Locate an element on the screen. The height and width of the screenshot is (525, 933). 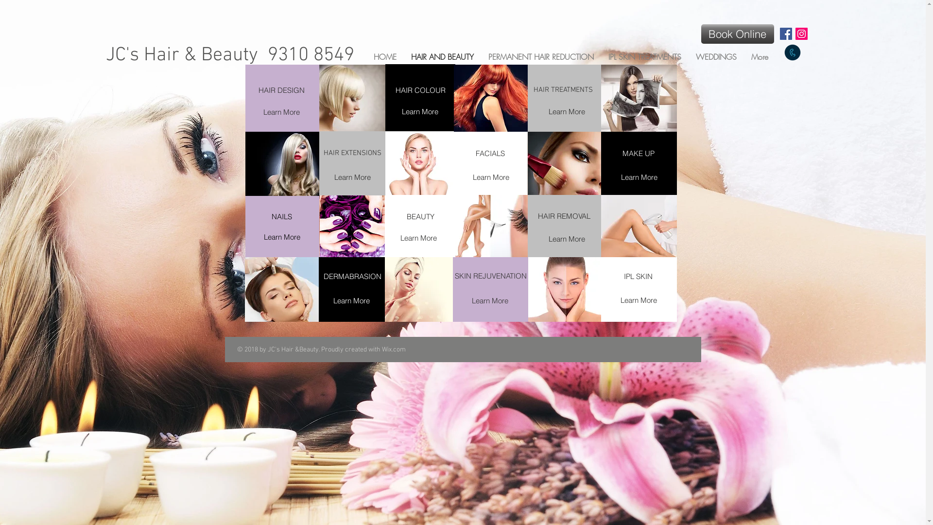
'Learn More' is located at coordinates (418, 238).